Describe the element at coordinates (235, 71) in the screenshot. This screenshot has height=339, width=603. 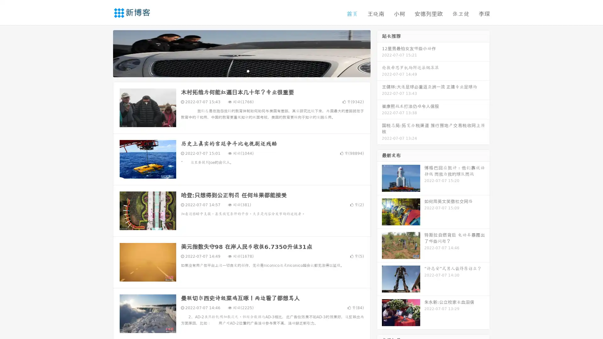
I see `Go to slide 1` at that location.